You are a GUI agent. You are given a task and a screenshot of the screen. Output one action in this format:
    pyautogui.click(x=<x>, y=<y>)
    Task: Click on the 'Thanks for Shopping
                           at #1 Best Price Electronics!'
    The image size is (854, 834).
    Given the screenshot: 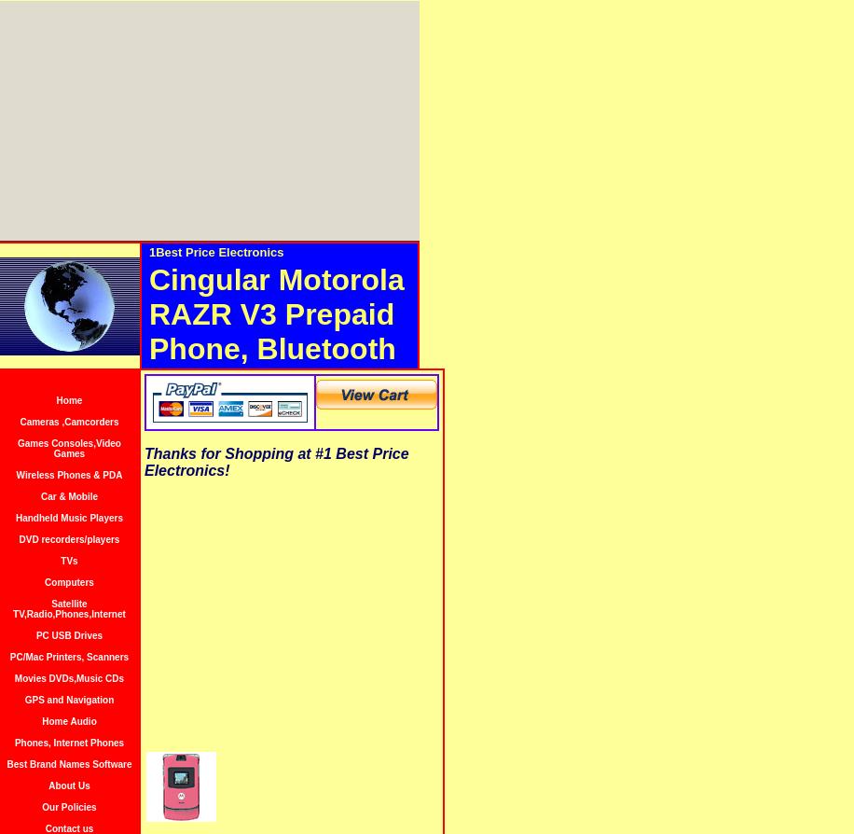 What is the action you would take?
    pyautogui.click(x=275, y=461)
    